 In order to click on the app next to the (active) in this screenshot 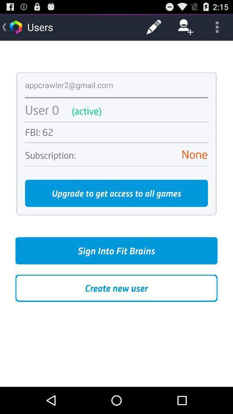, I will do `click(41, 110)`.